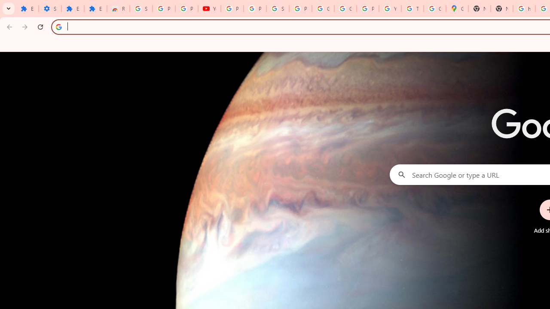 The height and width of the screenshot is (309, 550). I want to click on 'Extensions', so click(95, 9).